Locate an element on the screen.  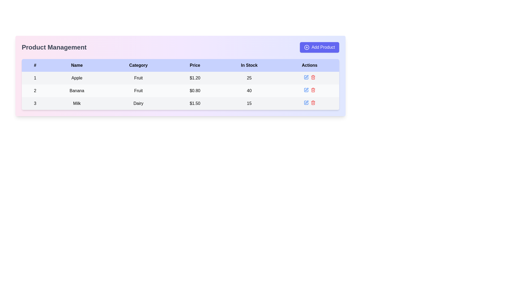
the numeric value '40' displayed in bold black text located in the 'In Stock' column under the 'Banana' entry in the table is located at coordinates (249, 91).